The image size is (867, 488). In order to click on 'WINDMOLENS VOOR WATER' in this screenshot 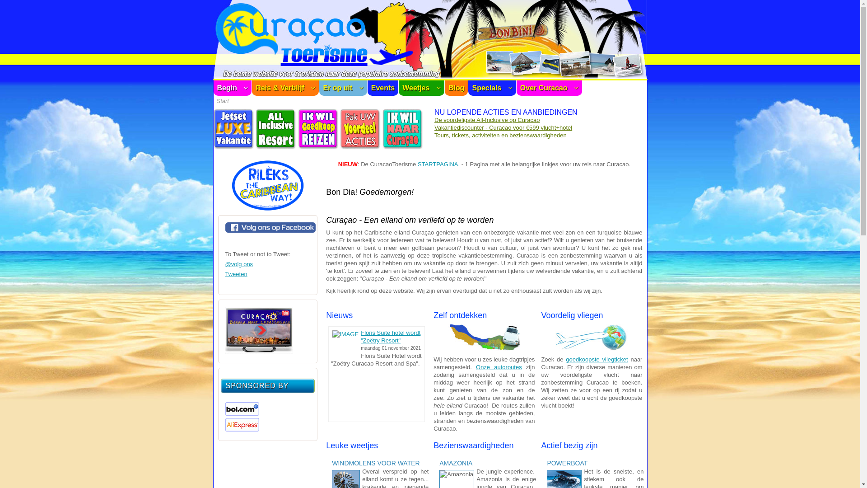, I will do `click(377, 463)`.